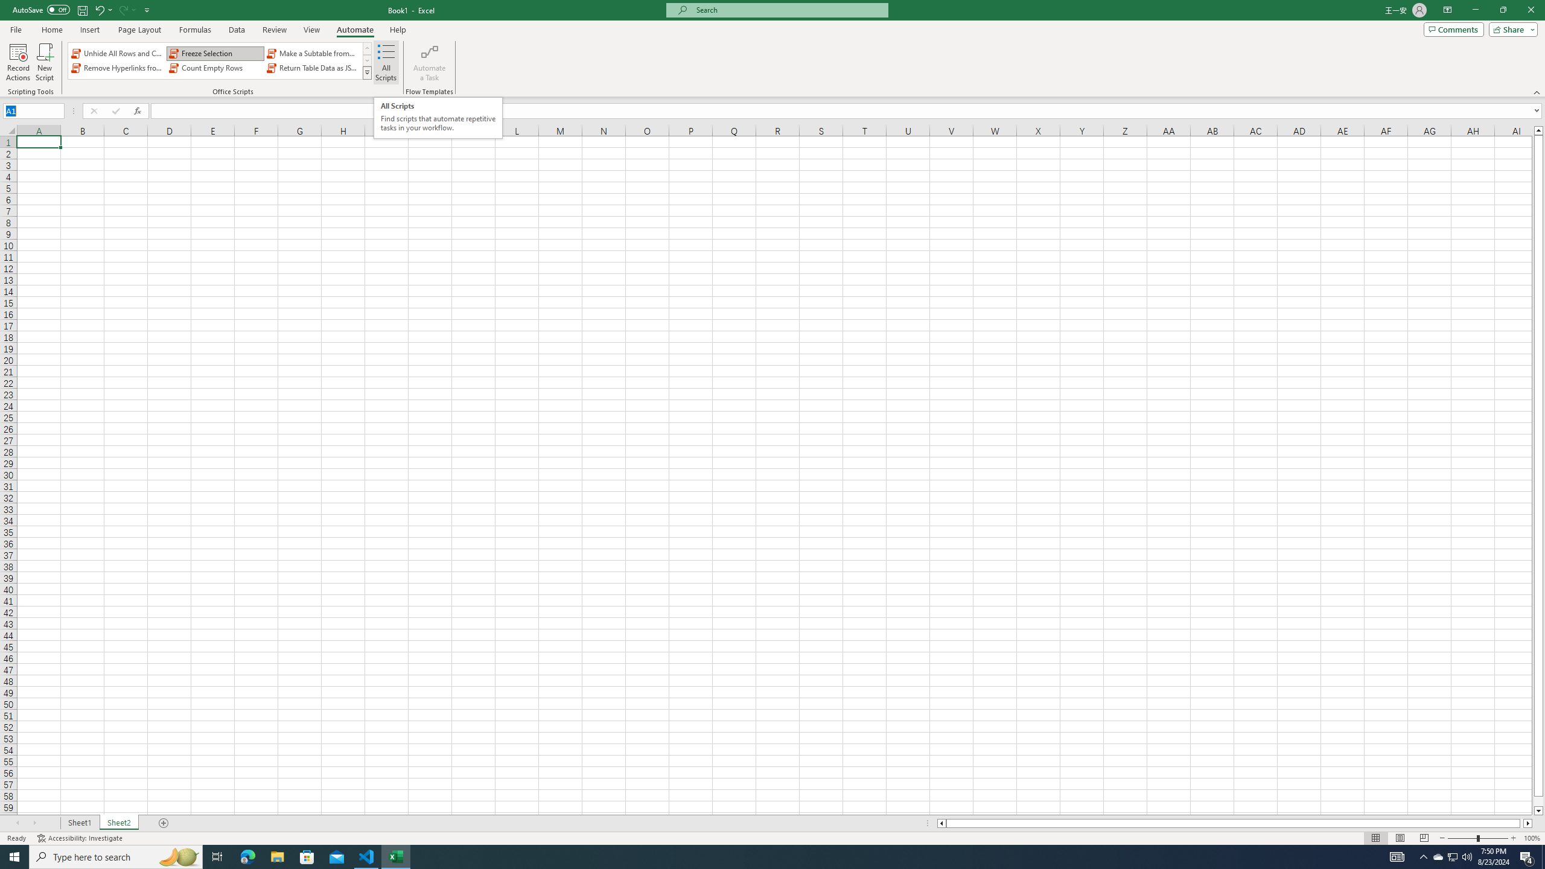  What do you see at coordinates (312, 53) in the screenshot?
I see `'Make a Subtable from a Selection'` at bounding box center [312, 53].